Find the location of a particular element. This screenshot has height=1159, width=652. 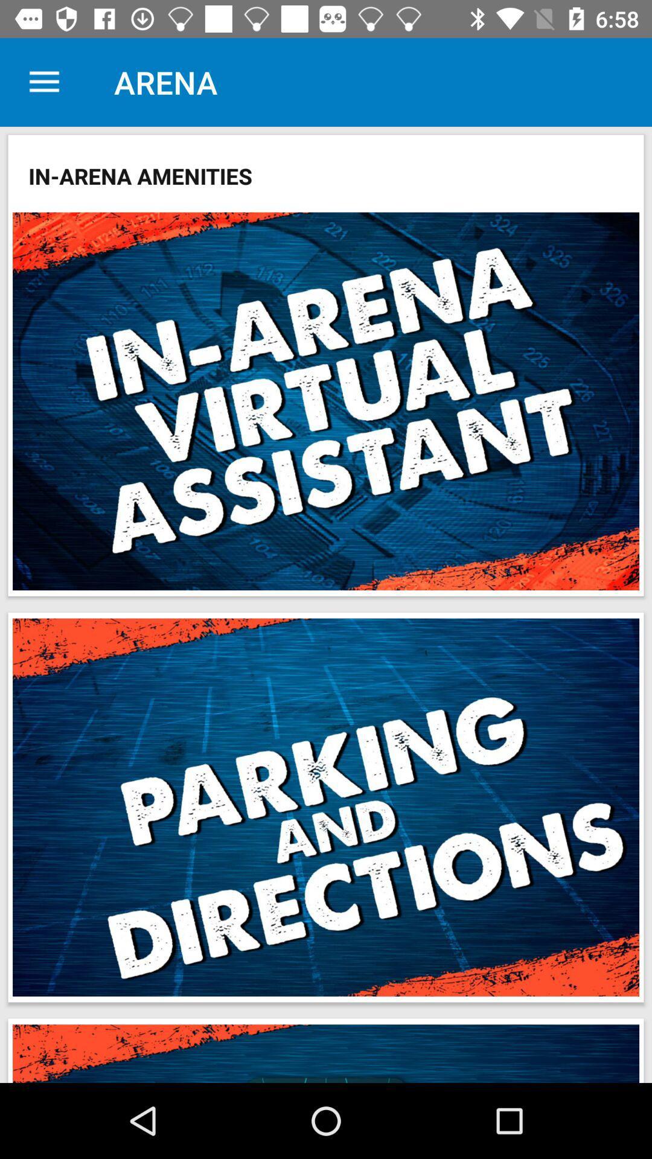

the icon to the left of the arena icon is located at coordinates (43, 81).